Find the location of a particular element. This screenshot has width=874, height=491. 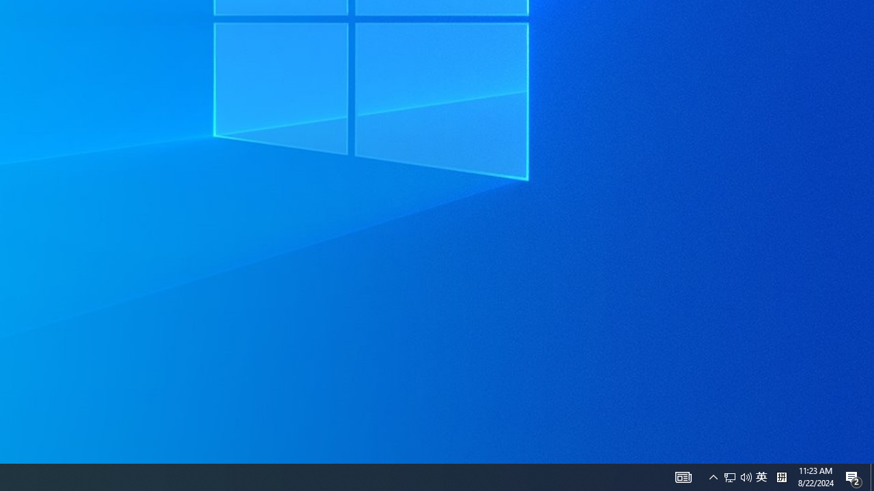

'Action Center, 2 new notifications' is located at coordinates (854, 476).